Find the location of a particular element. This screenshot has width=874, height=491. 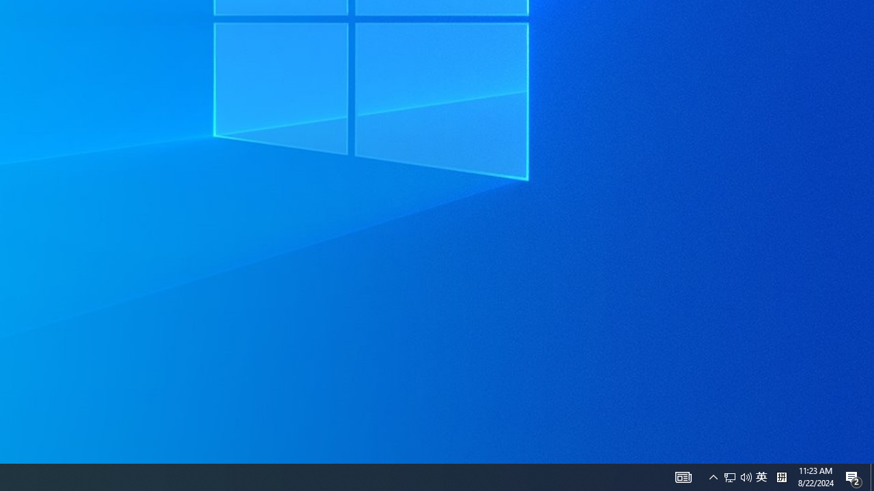

'Action Center, 2 new notifications' is located at coordinates (854, 476).